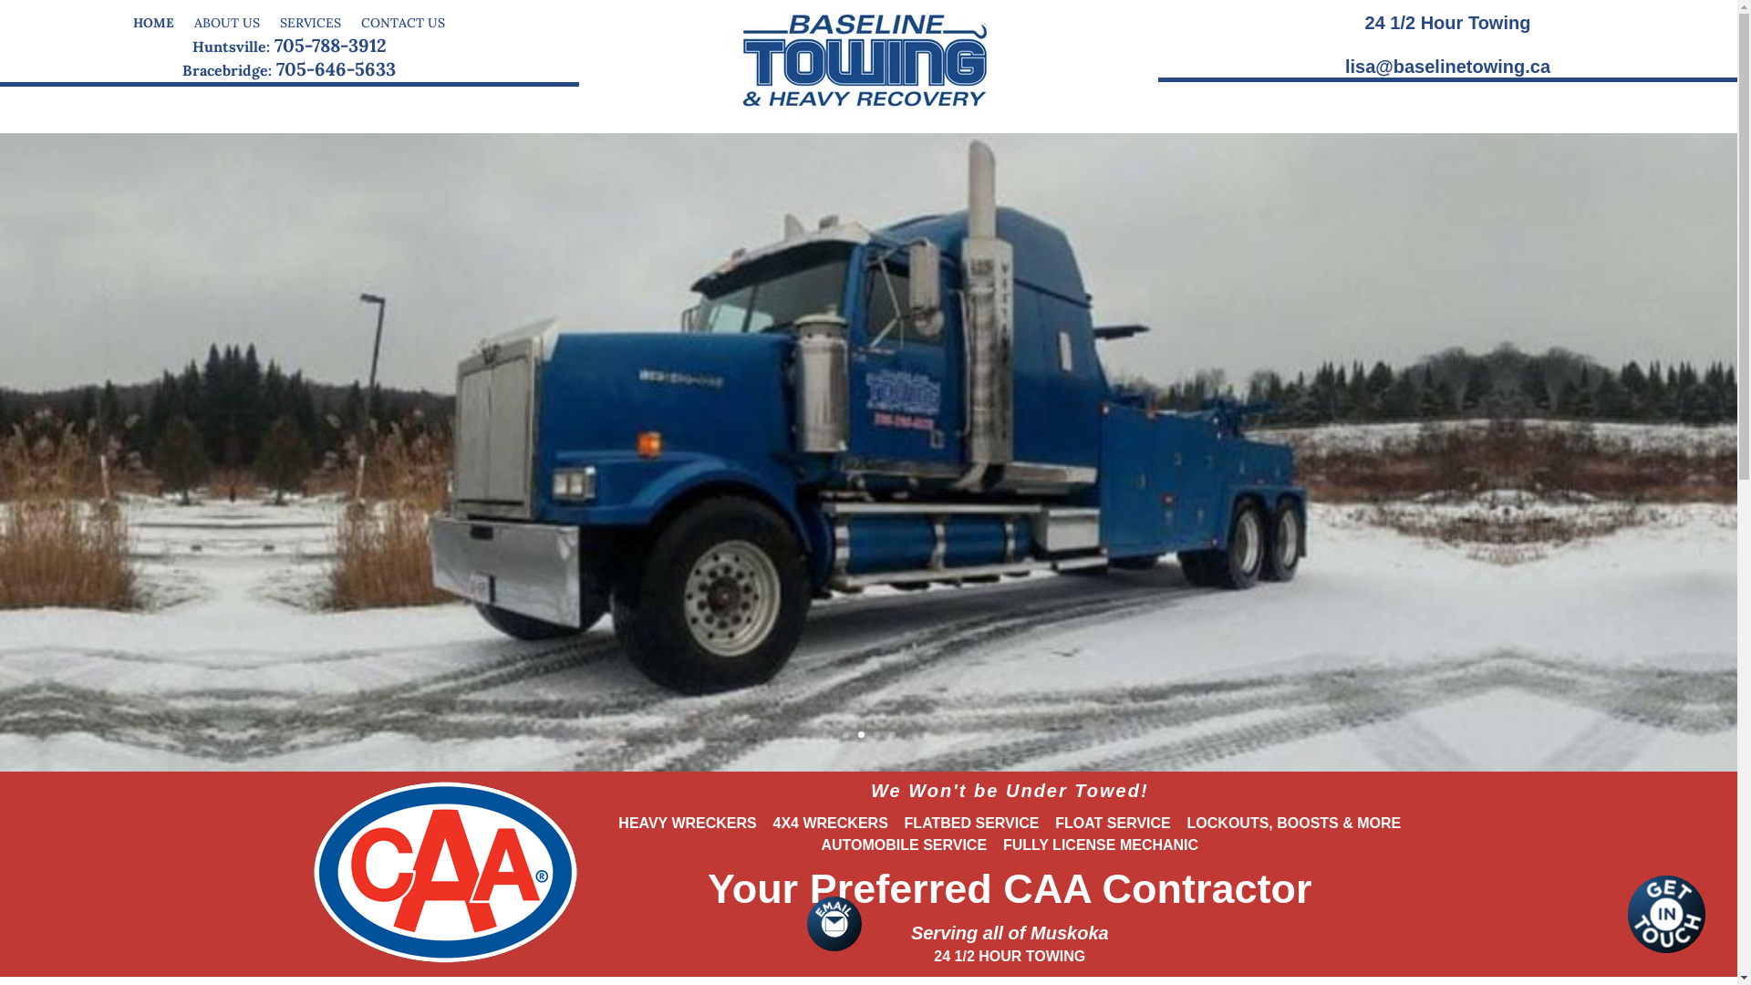 The height and width of the screenshot is (985, 1751). Describe the element at coordinates (401, 17) in the screenshot. I see `'CONTACT US'` at that location.